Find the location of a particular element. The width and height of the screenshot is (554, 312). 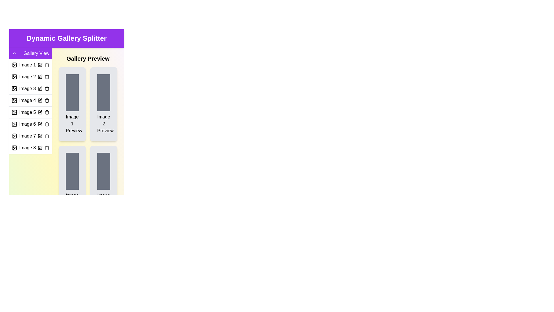

the icon resembling a classic image representation located at the top left of its bounding area in the 'Gallery View' section is located at coordinates (14, 112).